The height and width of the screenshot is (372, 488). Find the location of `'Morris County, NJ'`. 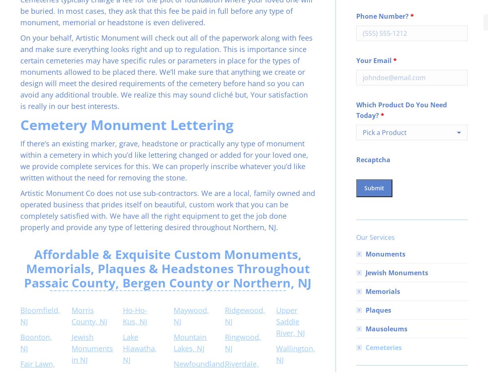

'Morris County, NJ' is located at coordinates (89, 315).